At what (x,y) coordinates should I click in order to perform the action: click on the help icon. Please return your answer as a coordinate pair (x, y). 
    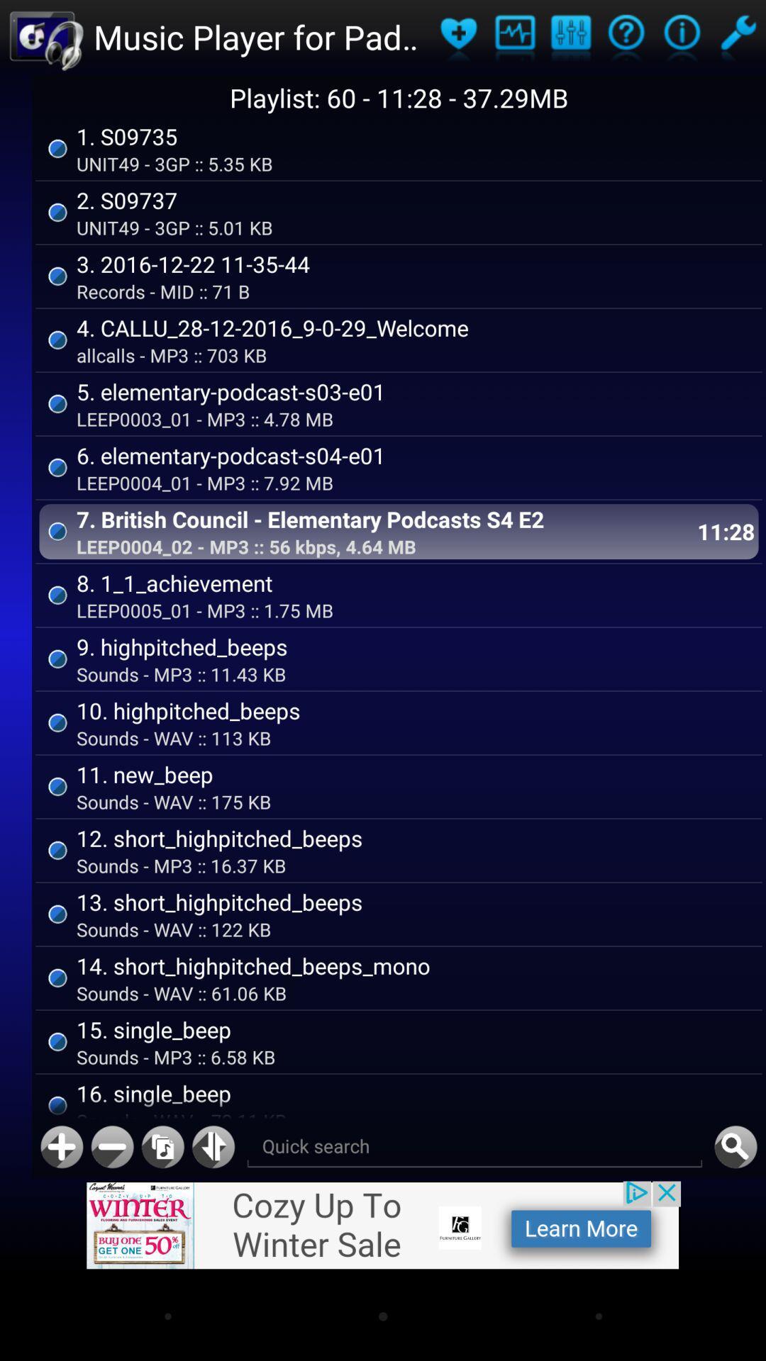
    Looking at the image, I should click on (626, 39).